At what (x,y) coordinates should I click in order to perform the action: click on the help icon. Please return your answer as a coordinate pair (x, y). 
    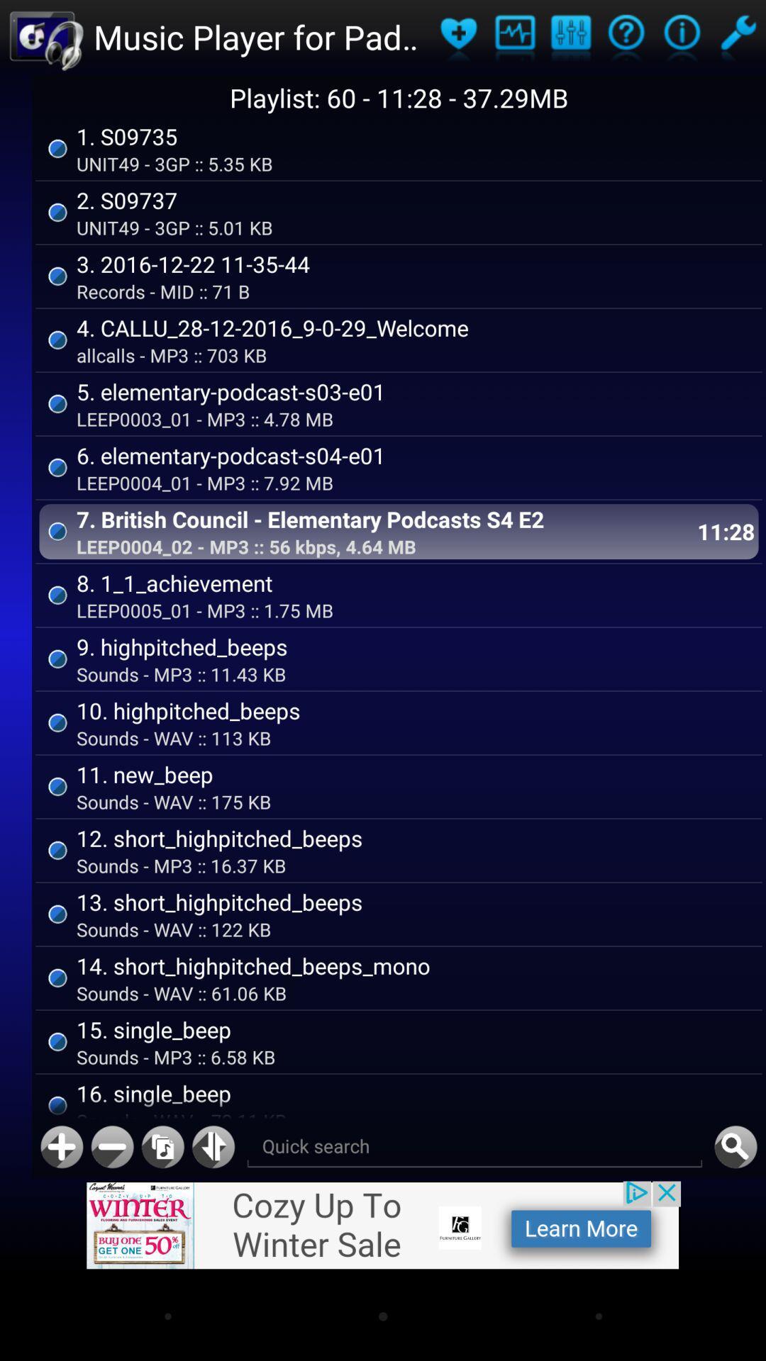
    Looking at the image, I should click on (626, 39).